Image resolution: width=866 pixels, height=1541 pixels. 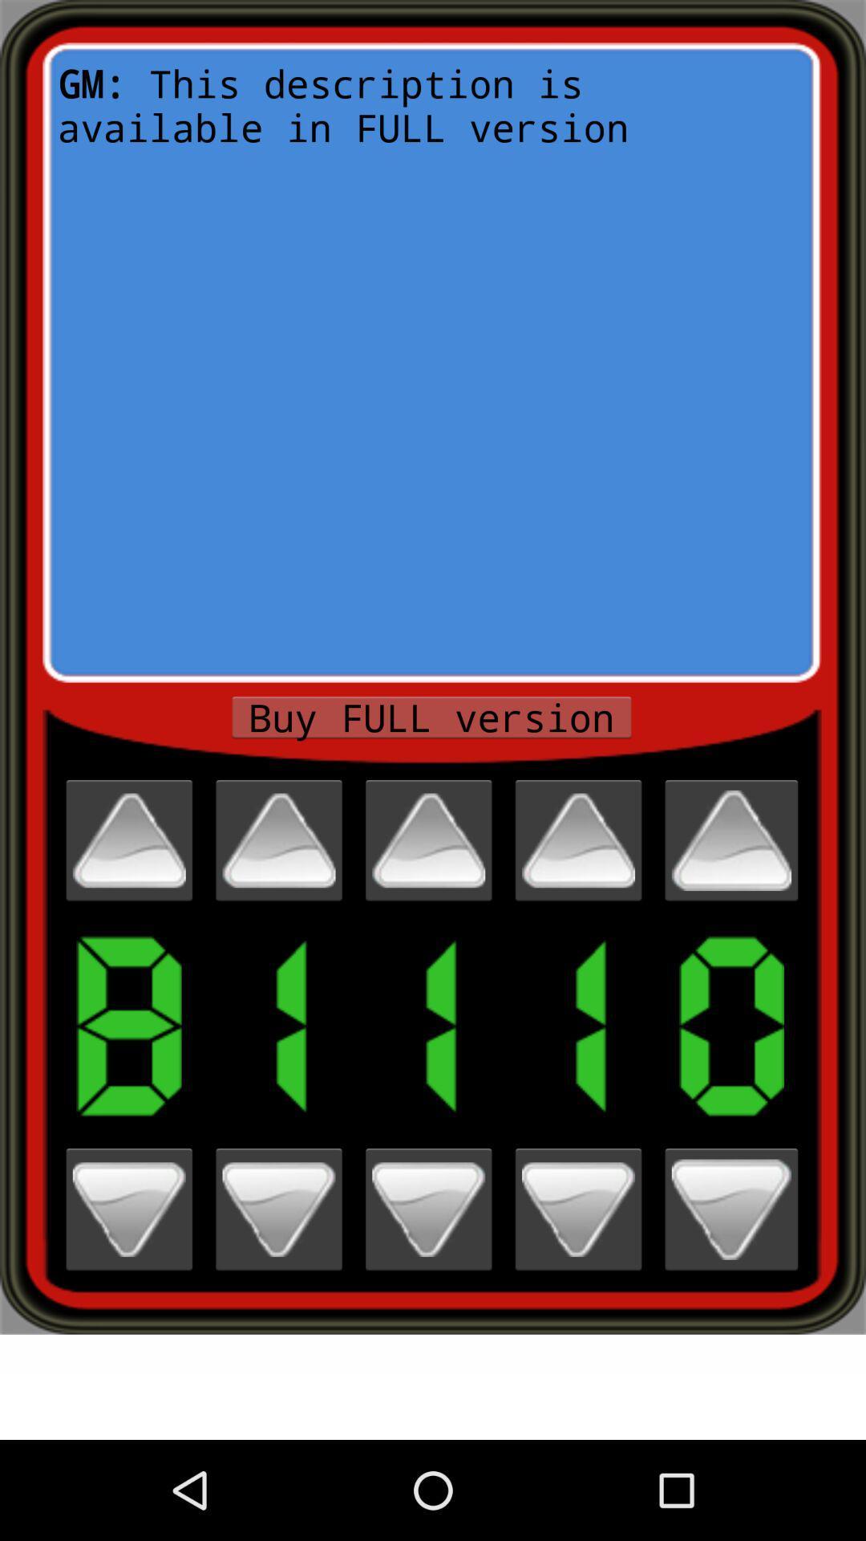 What do you see at coordinates (277, 1210) in the screenshot?
I see `lower digit` at bounding box center [277, 1210].